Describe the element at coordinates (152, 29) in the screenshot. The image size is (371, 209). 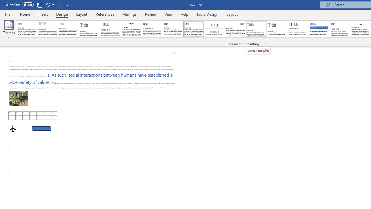
I see `'Black & White (Numbered)'` at that location.